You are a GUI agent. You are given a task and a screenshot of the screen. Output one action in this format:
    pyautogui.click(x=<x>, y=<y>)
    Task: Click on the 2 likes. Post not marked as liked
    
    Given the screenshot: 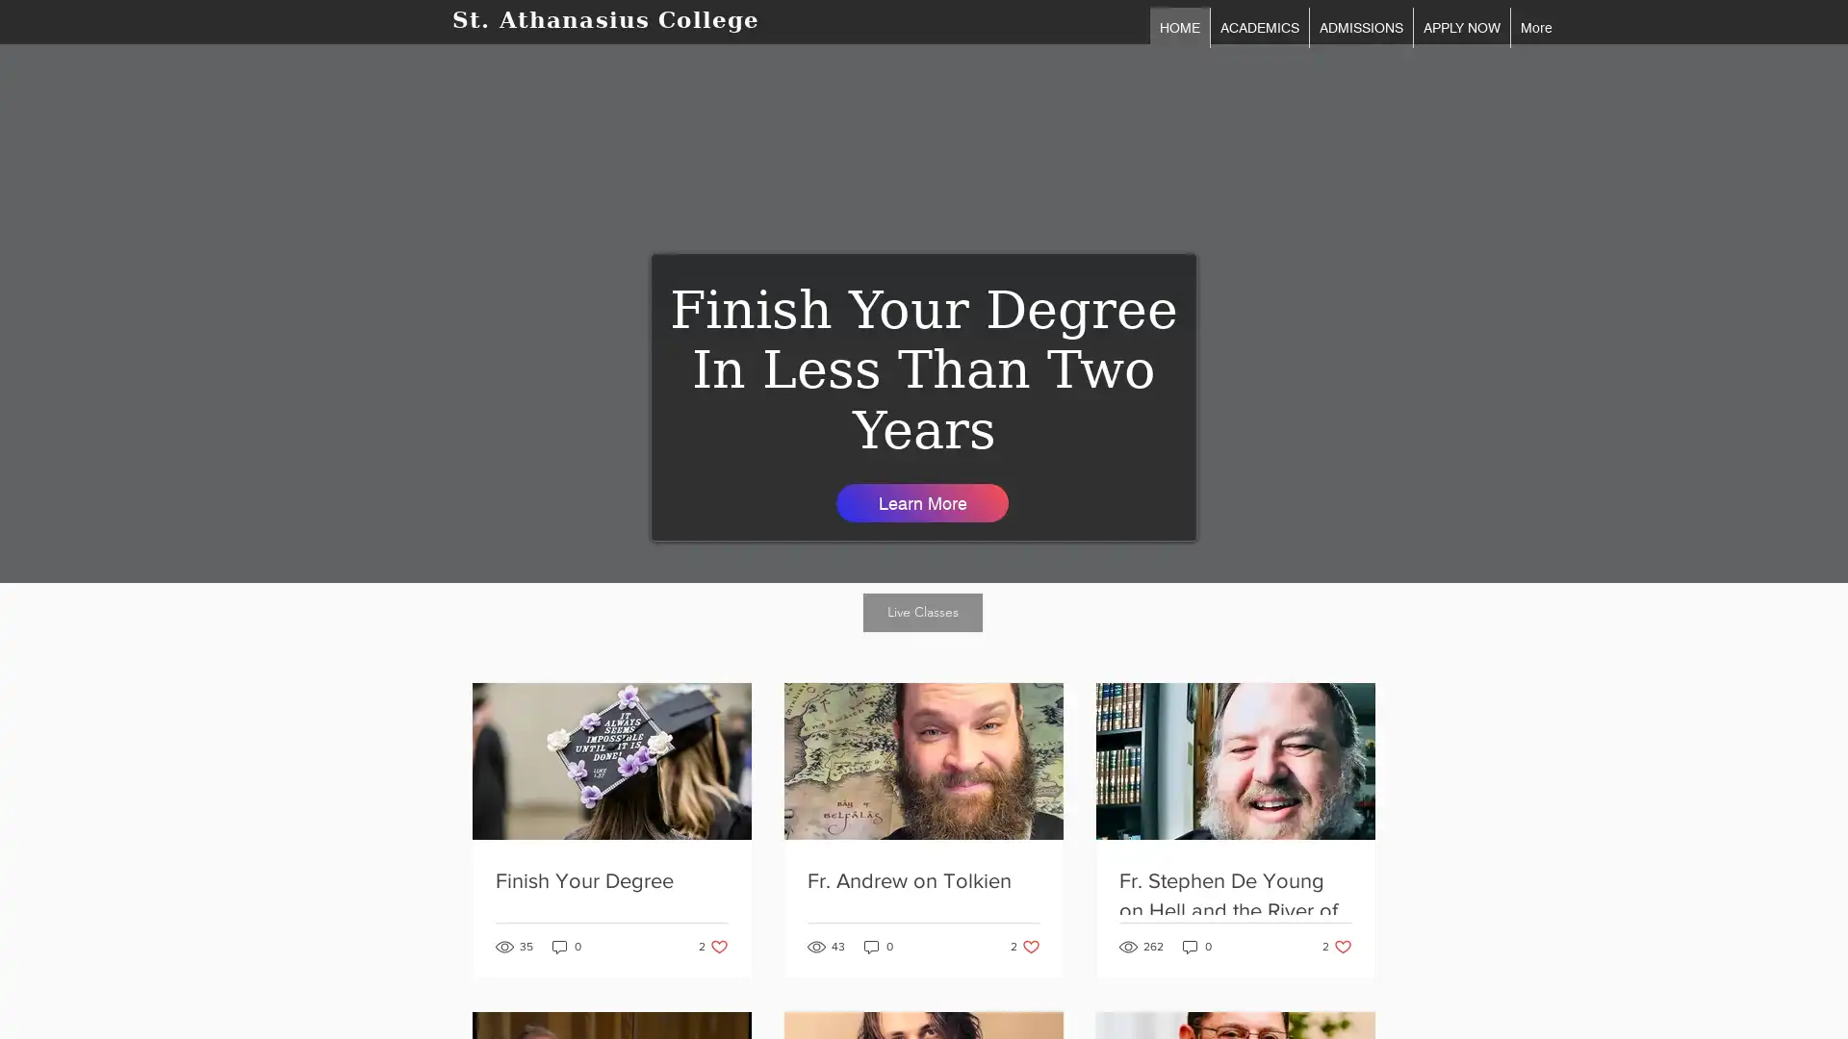 What is the action you would take?
    pyautogui.click(x=1024, y=945)
    